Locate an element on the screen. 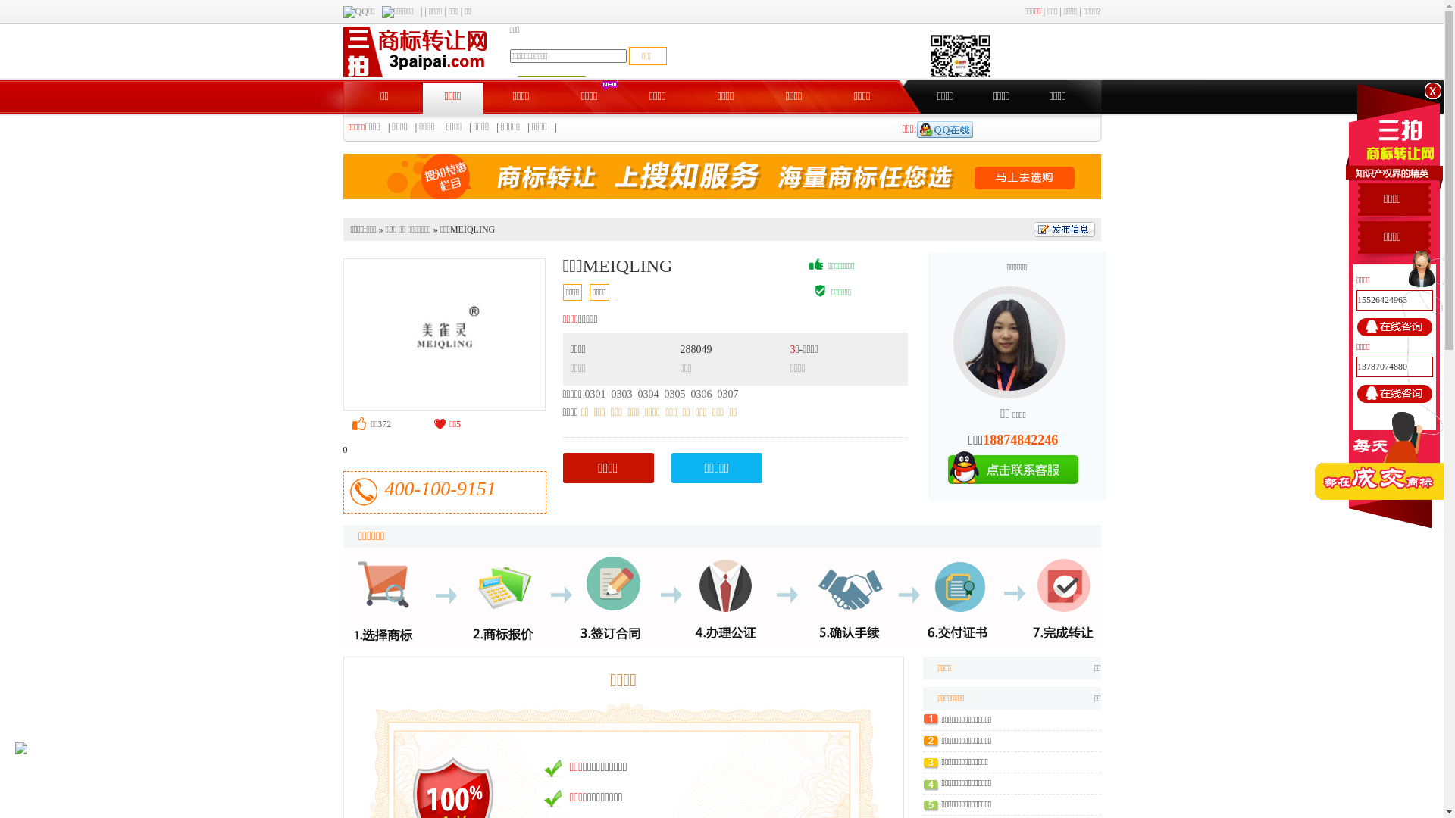 The width and height of the screenshot is (1455, 818). '0304' is located at coordinates (648, 393).